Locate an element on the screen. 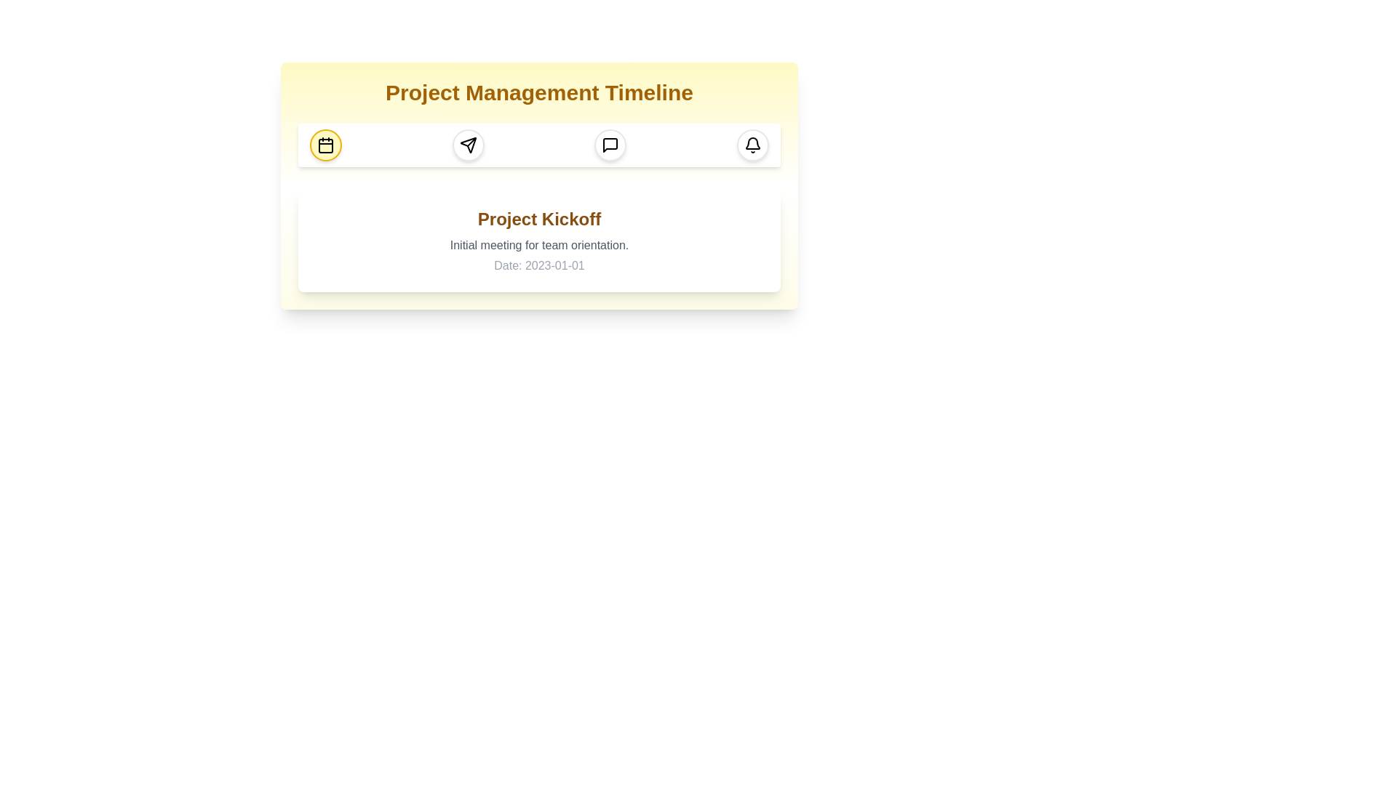 The height and width of the screenshot is (785, 1397). the navigational arrow icon located inside the second circular button from the left in the top section of the interface, which is distinguished by a white background and a red border is located at coordinates (468, 145).